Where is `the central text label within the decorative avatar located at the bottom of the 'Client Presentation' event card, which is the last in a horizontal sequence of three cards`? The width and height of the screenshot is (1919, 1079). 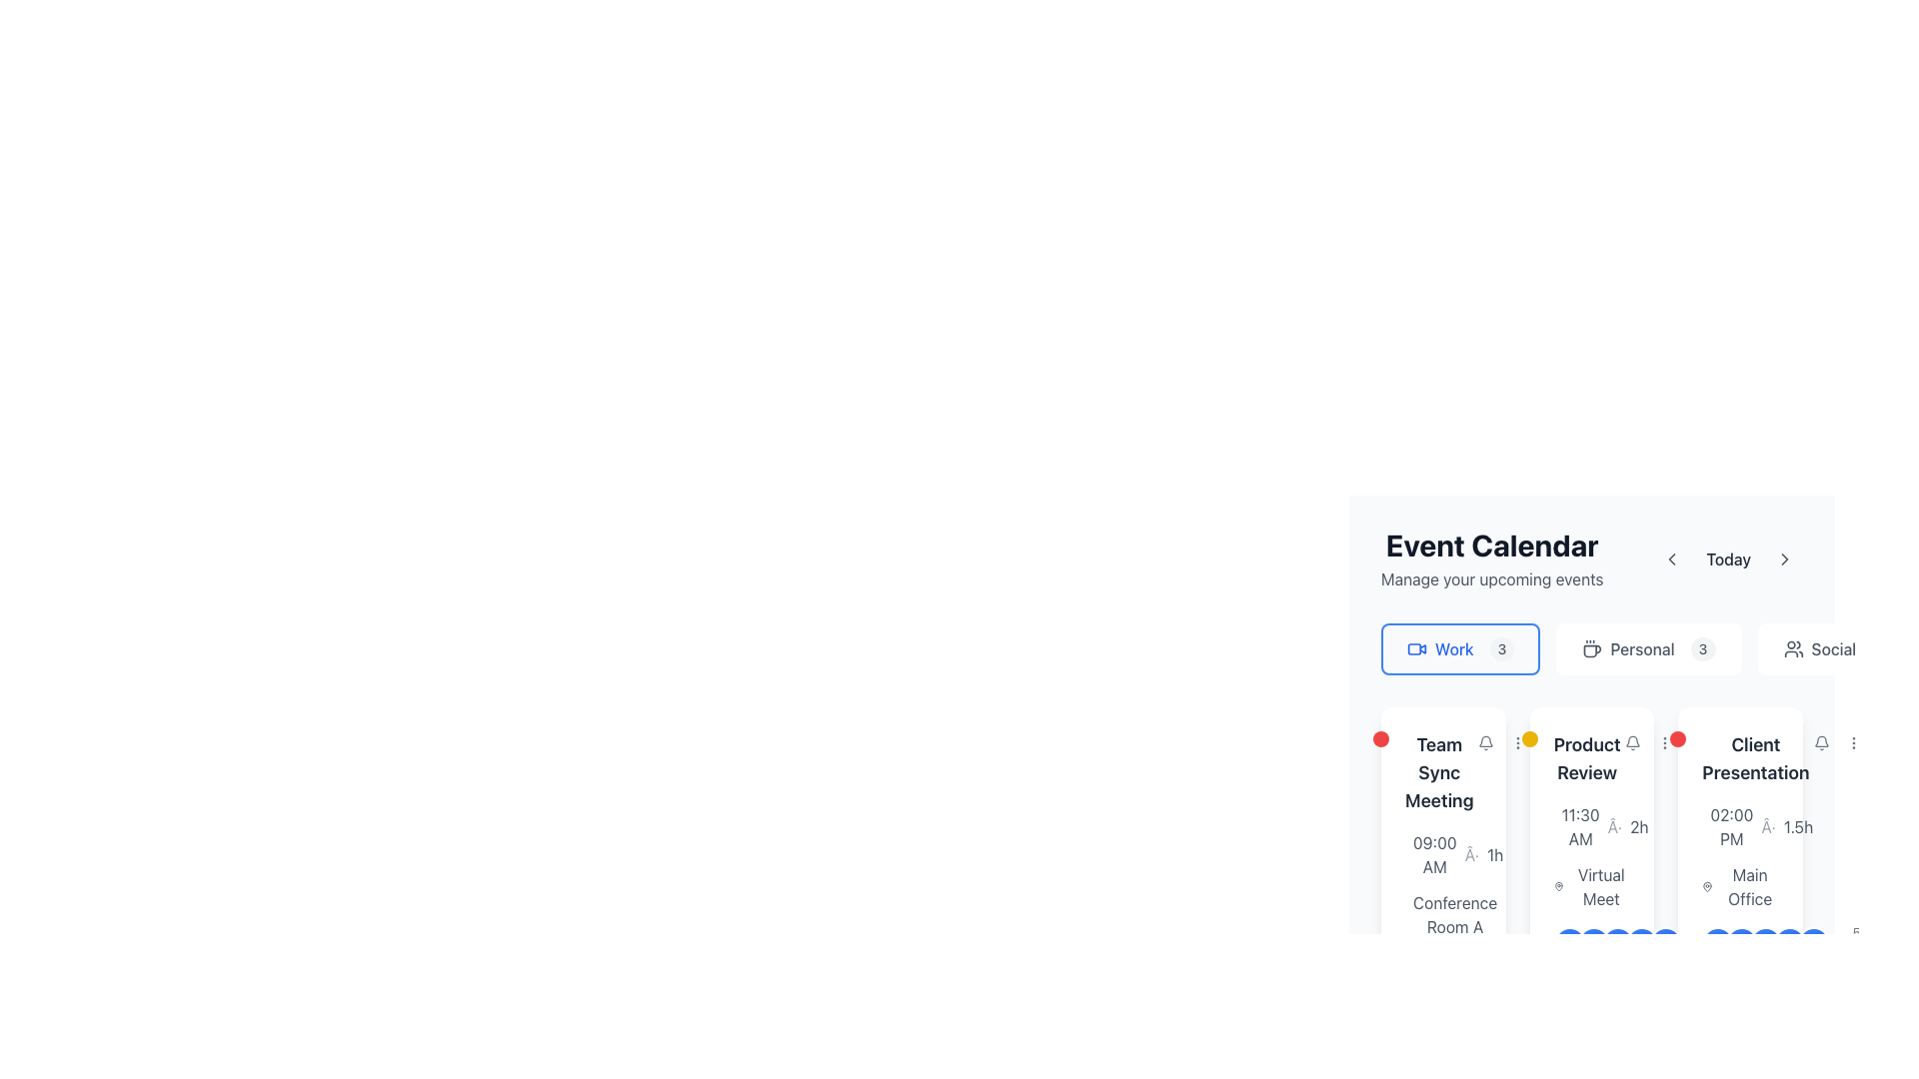 the central text label within the decorative avatar located at the bottom of the 'Client Presentation' event card, which is the last in a horizontal sequence of three cards is located at coordinates (1741, 943).